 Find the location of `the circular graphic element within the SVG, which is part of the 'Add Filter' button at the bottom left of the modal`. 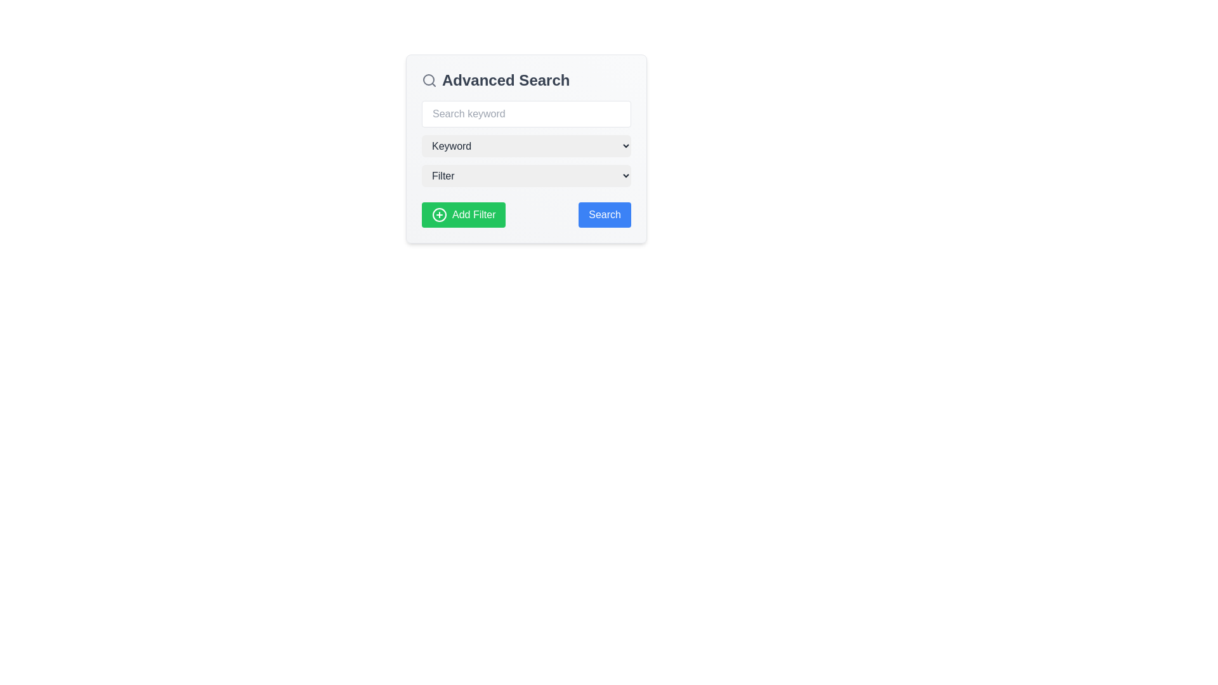

the circular graphic element within the SVG, which is part of the 'Add Filter' button at the bottom left of the modal is located at coordinates (439, 214).